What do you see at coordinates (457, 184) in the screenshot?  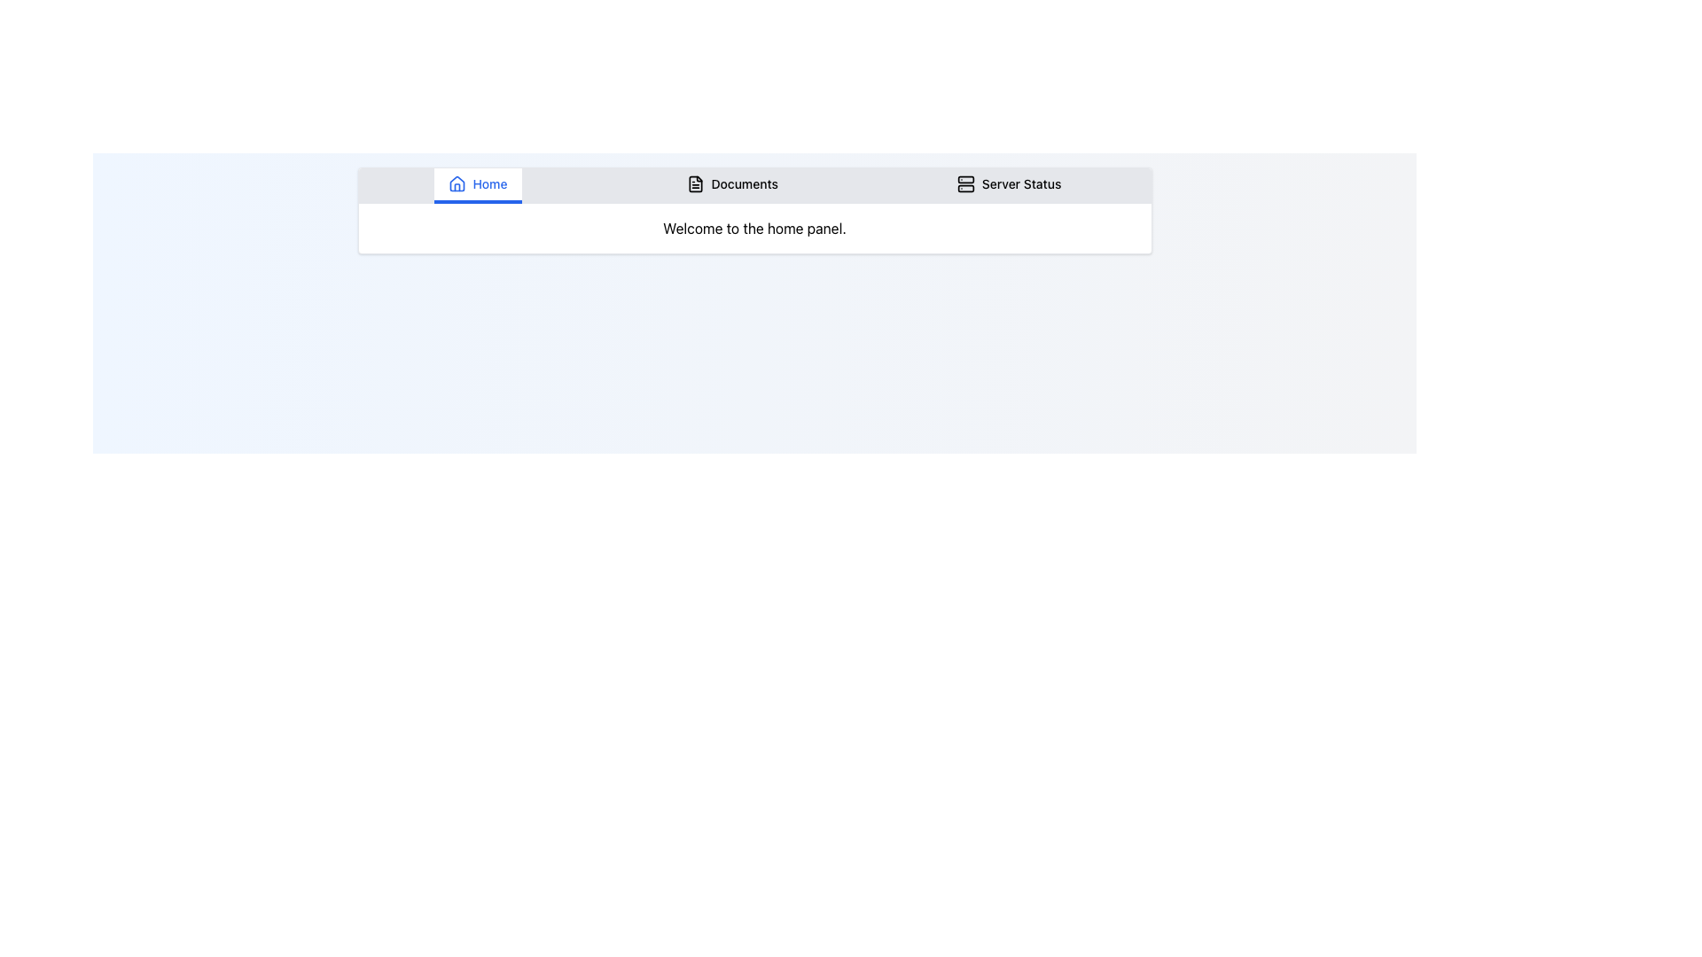 I see `the blue house SVG icon located in the leftmost section of the navigation bar` at bounding box center [457, 184].